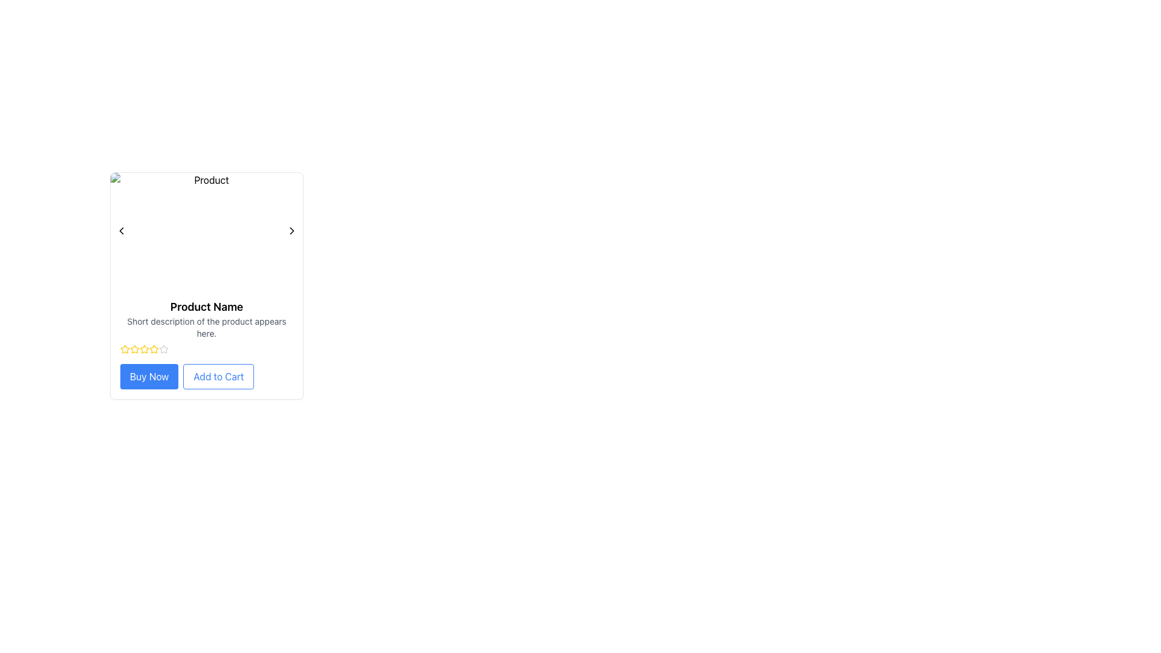 The image size is (1161, 653). Describe the element at coordinates (145, 349) in the screenshot. I see `the second star icon in the rating row to change the product's rating` at that location.